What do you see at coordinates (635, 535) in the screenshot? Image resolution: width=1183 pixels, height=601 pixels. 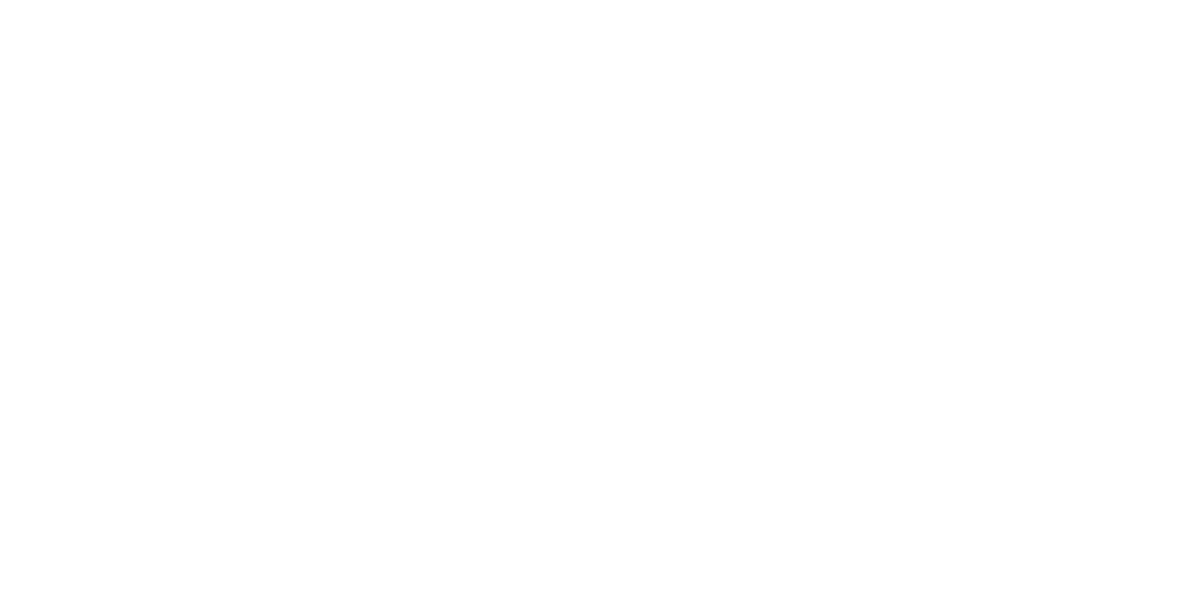 I see `'NHL.com is the official website of the National Hockey League. All NHL logos and marks and NHL team logos and marks depicted herein are the property of the NHL and the respective teams and may not be reproduced without the prior written consent of NHL Enterprises, L.P. © NHL 2023. All Rights Reserved. All NHL team jerseys customized with NHL players' names and numbers are officially licensed by the NHL and the NHLPA. The Zamboni word mark and configuration of the Zamboni ice resurfacing machine are registered trademarks of Frank J. Zamboni & Co., Inc.© Frank J. Zamboni & Co., Inc. 2023. All Rights Reserved. Any other third party trademarks or copyrights are the property of their respective owners. All rights reserved.'` at bounding box center [635, 535].